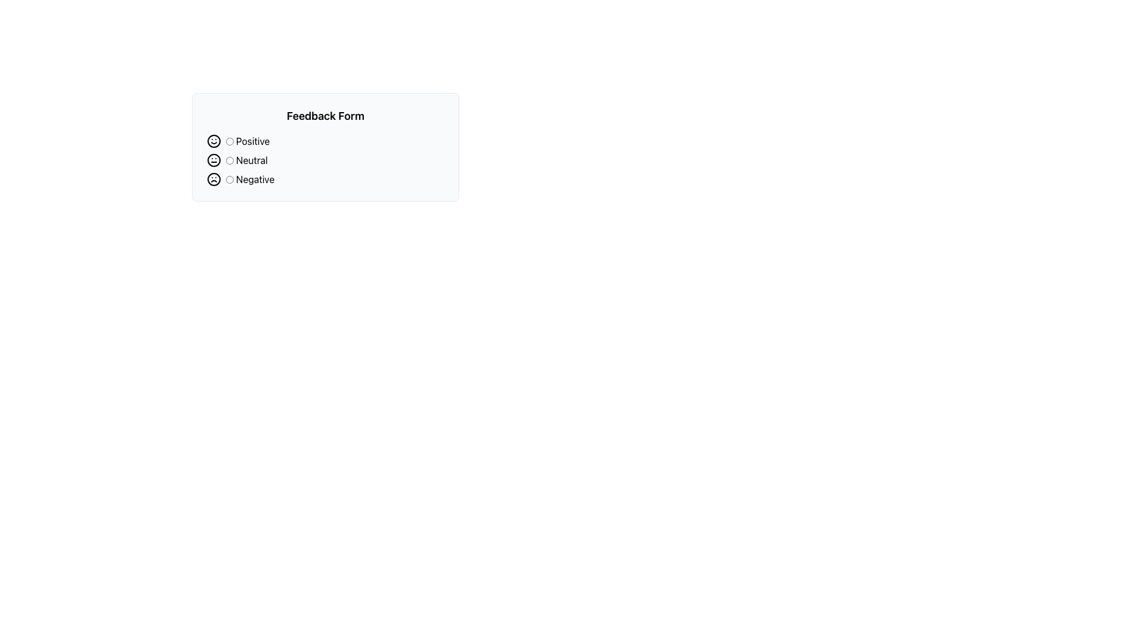 Image resolution: width=1145 pixels, height=644 pixels. Describe the element at coordinates (326, 179) in the screenshot. I see `the radio button labeled 'Negative'` at that location.